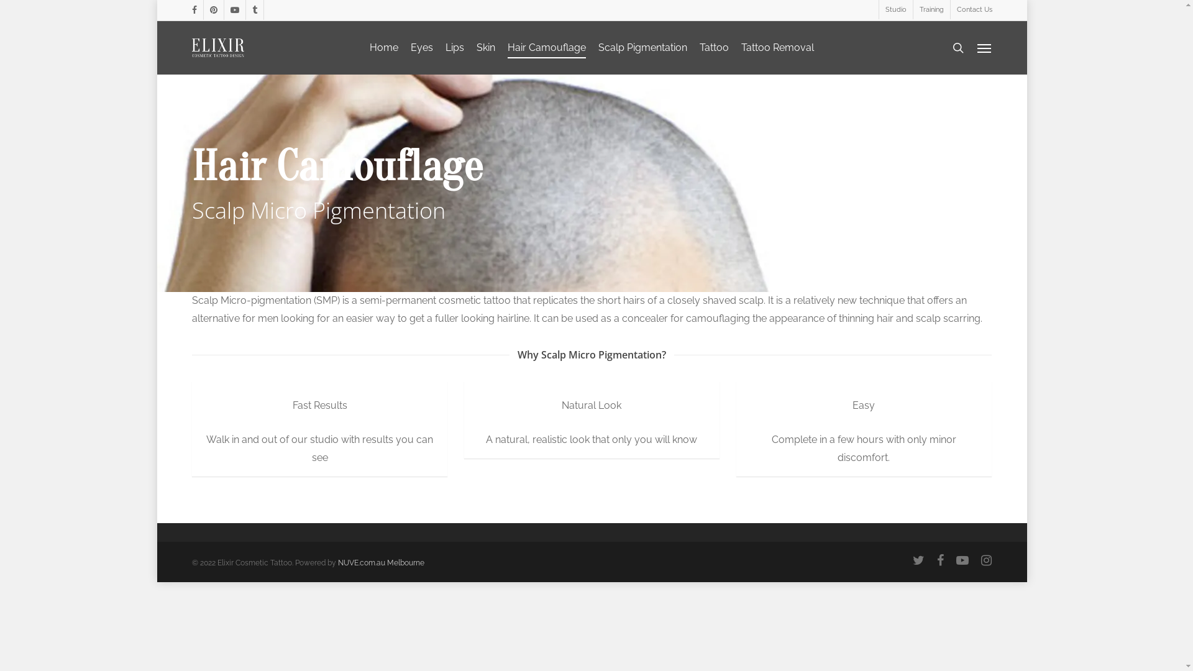 This screenshot has width=1193, height=671. What do you see at coordinates (642, 47) in the screenshot?
I see `'Scalp Pigmentation'` at bounding box center [642, 47].